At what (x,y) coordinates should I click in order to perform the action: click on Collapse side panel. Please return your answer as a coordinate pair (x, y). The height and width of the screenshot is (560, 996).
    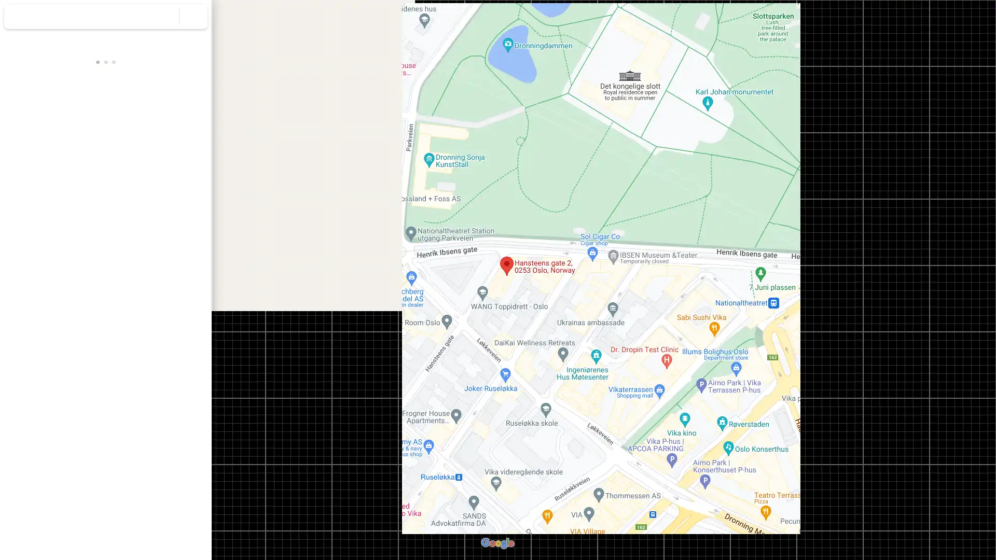
    Looking at the image, I should click on (172, 280).